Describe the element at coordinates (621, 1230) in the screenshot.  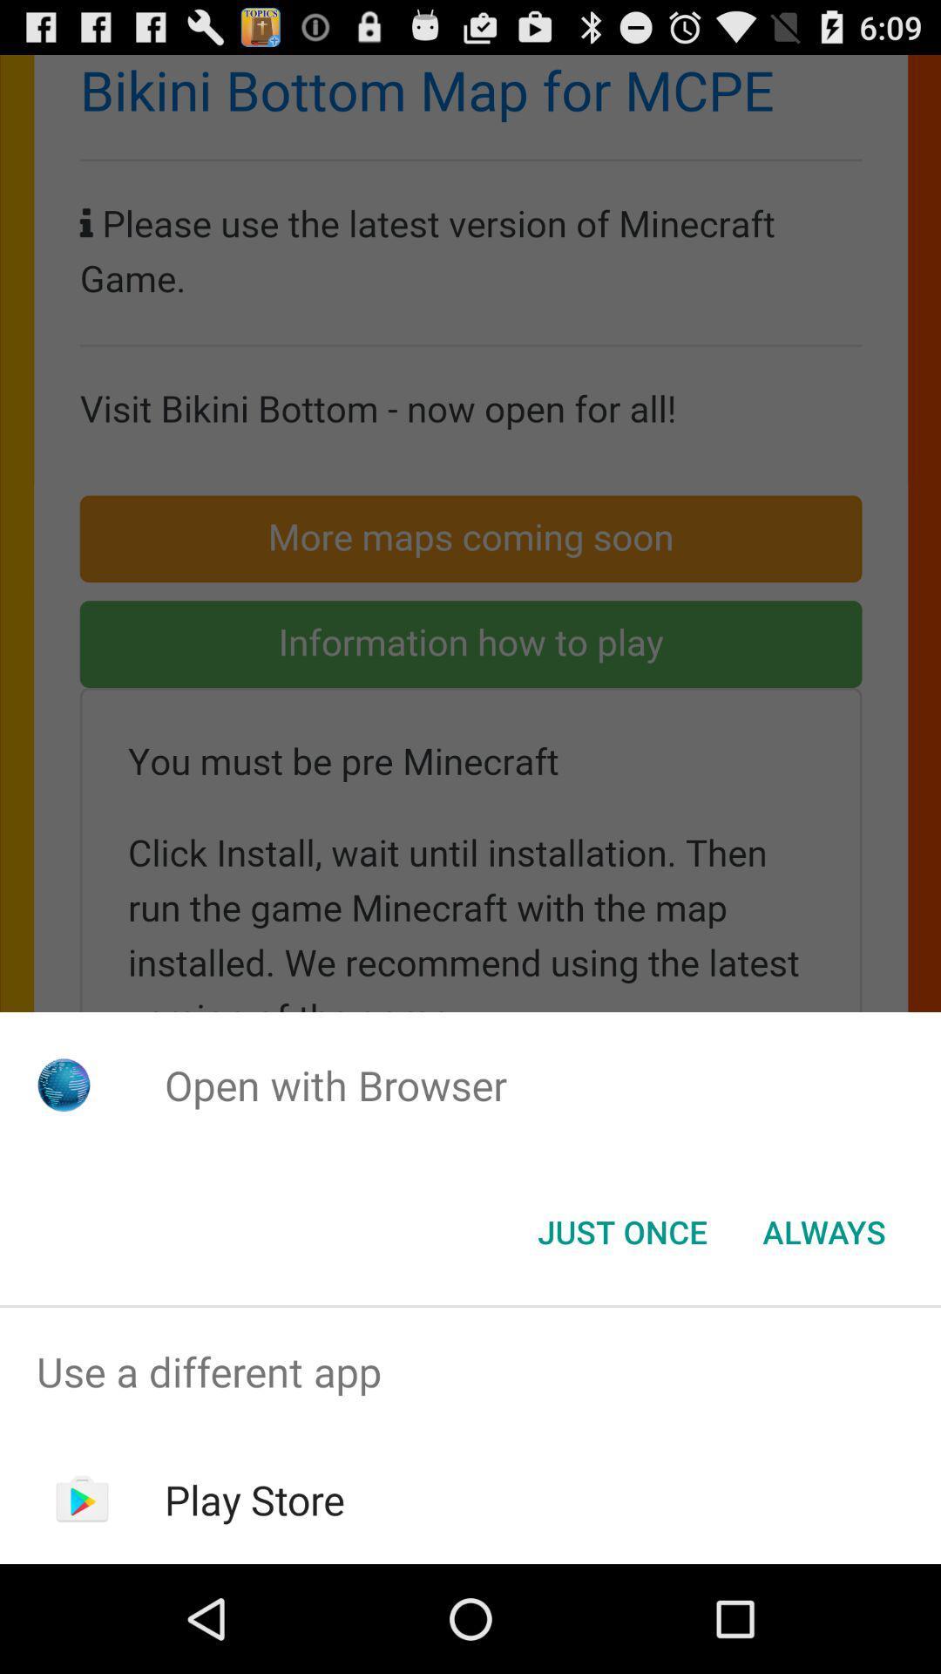
I see `just once button` at that location.